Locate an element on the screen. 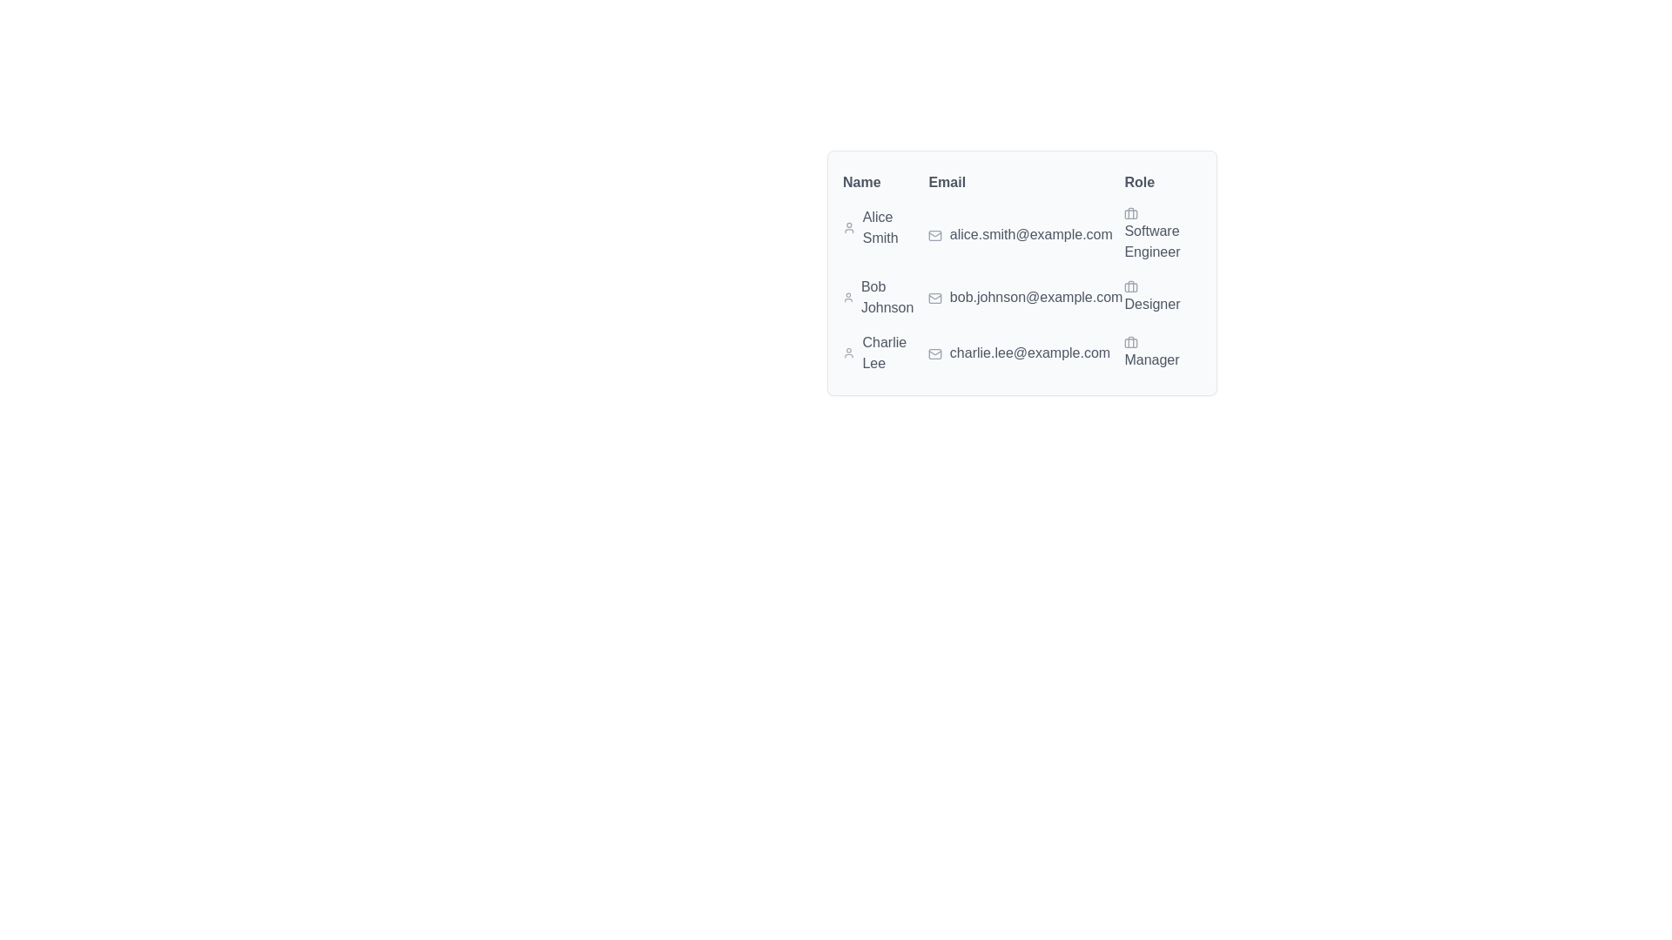 The image size is (1672, 940). the graphical shape element, a rectangle with rounded corners, representing an email envelope symbol, located next to the 'Bob Johnson' row in the 'Email' column is located at coordinates (934, 297).